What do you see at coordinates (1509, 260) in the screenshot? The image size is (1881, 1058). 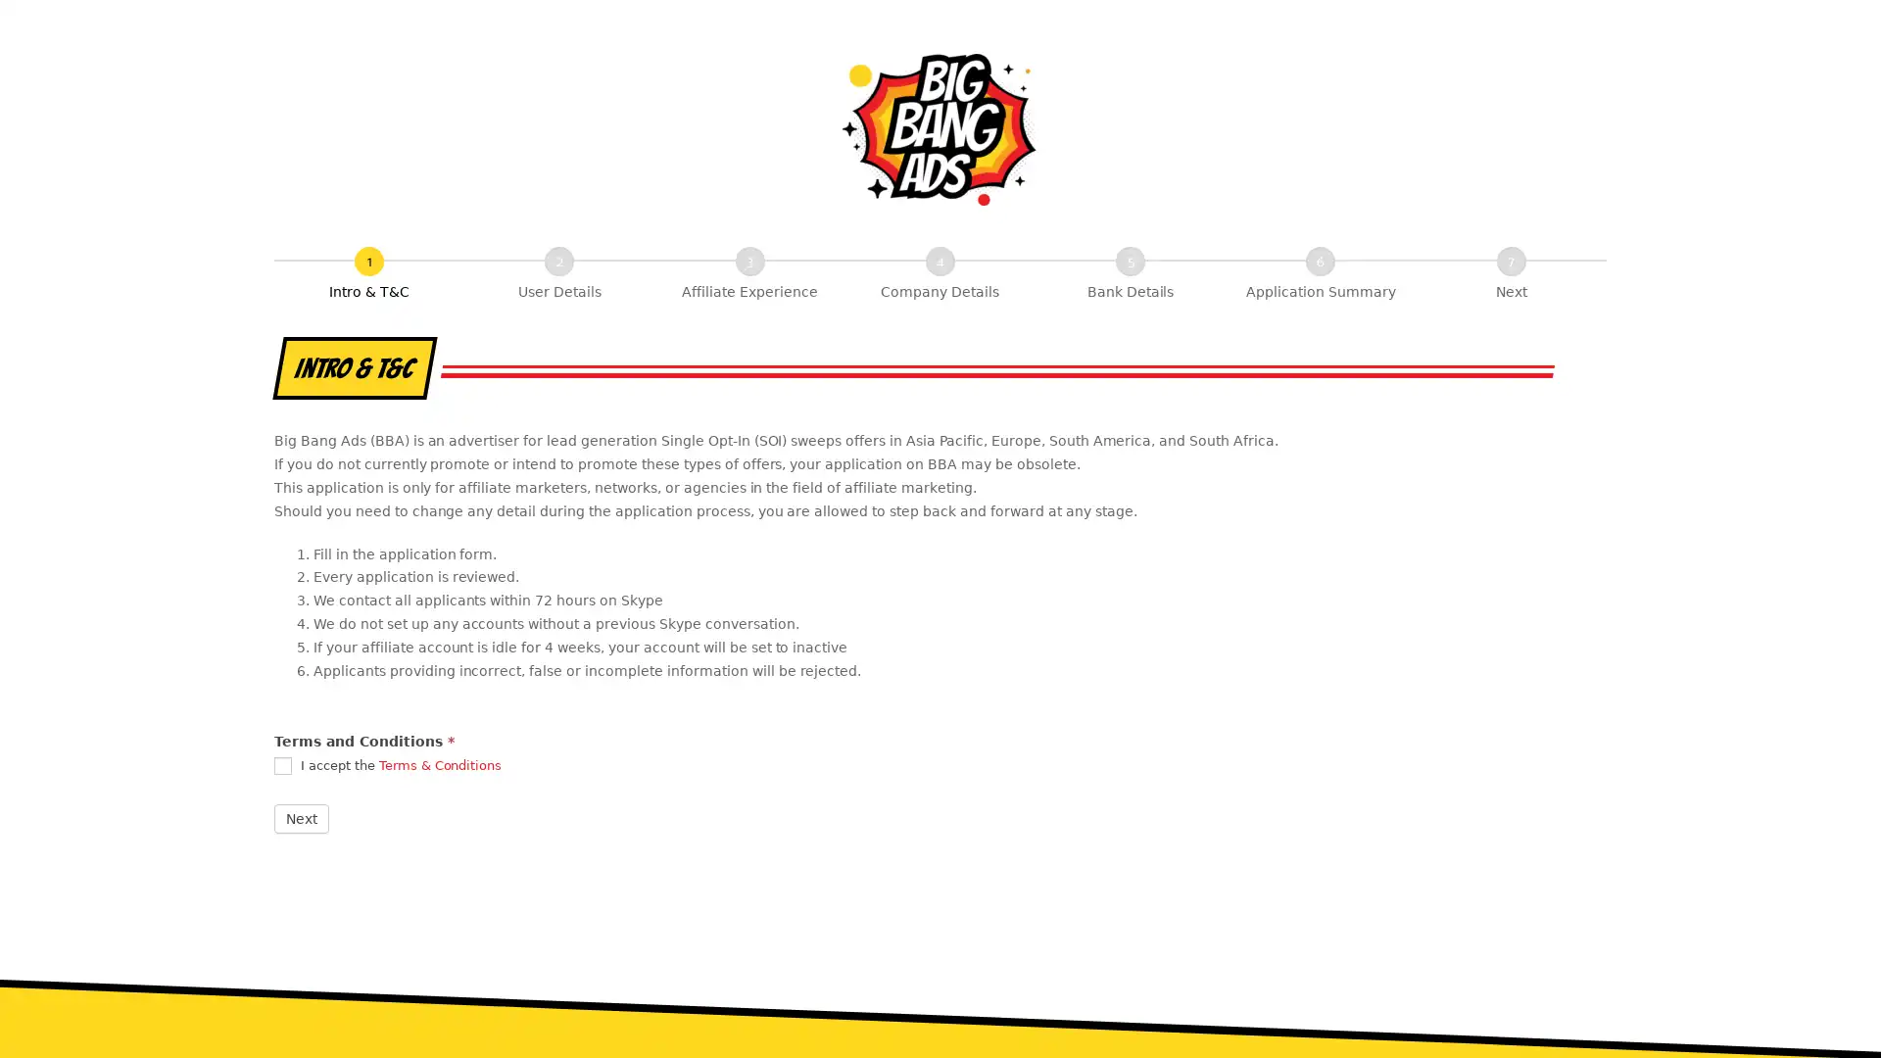 I see `Next` at bounding box center [1509, 260].